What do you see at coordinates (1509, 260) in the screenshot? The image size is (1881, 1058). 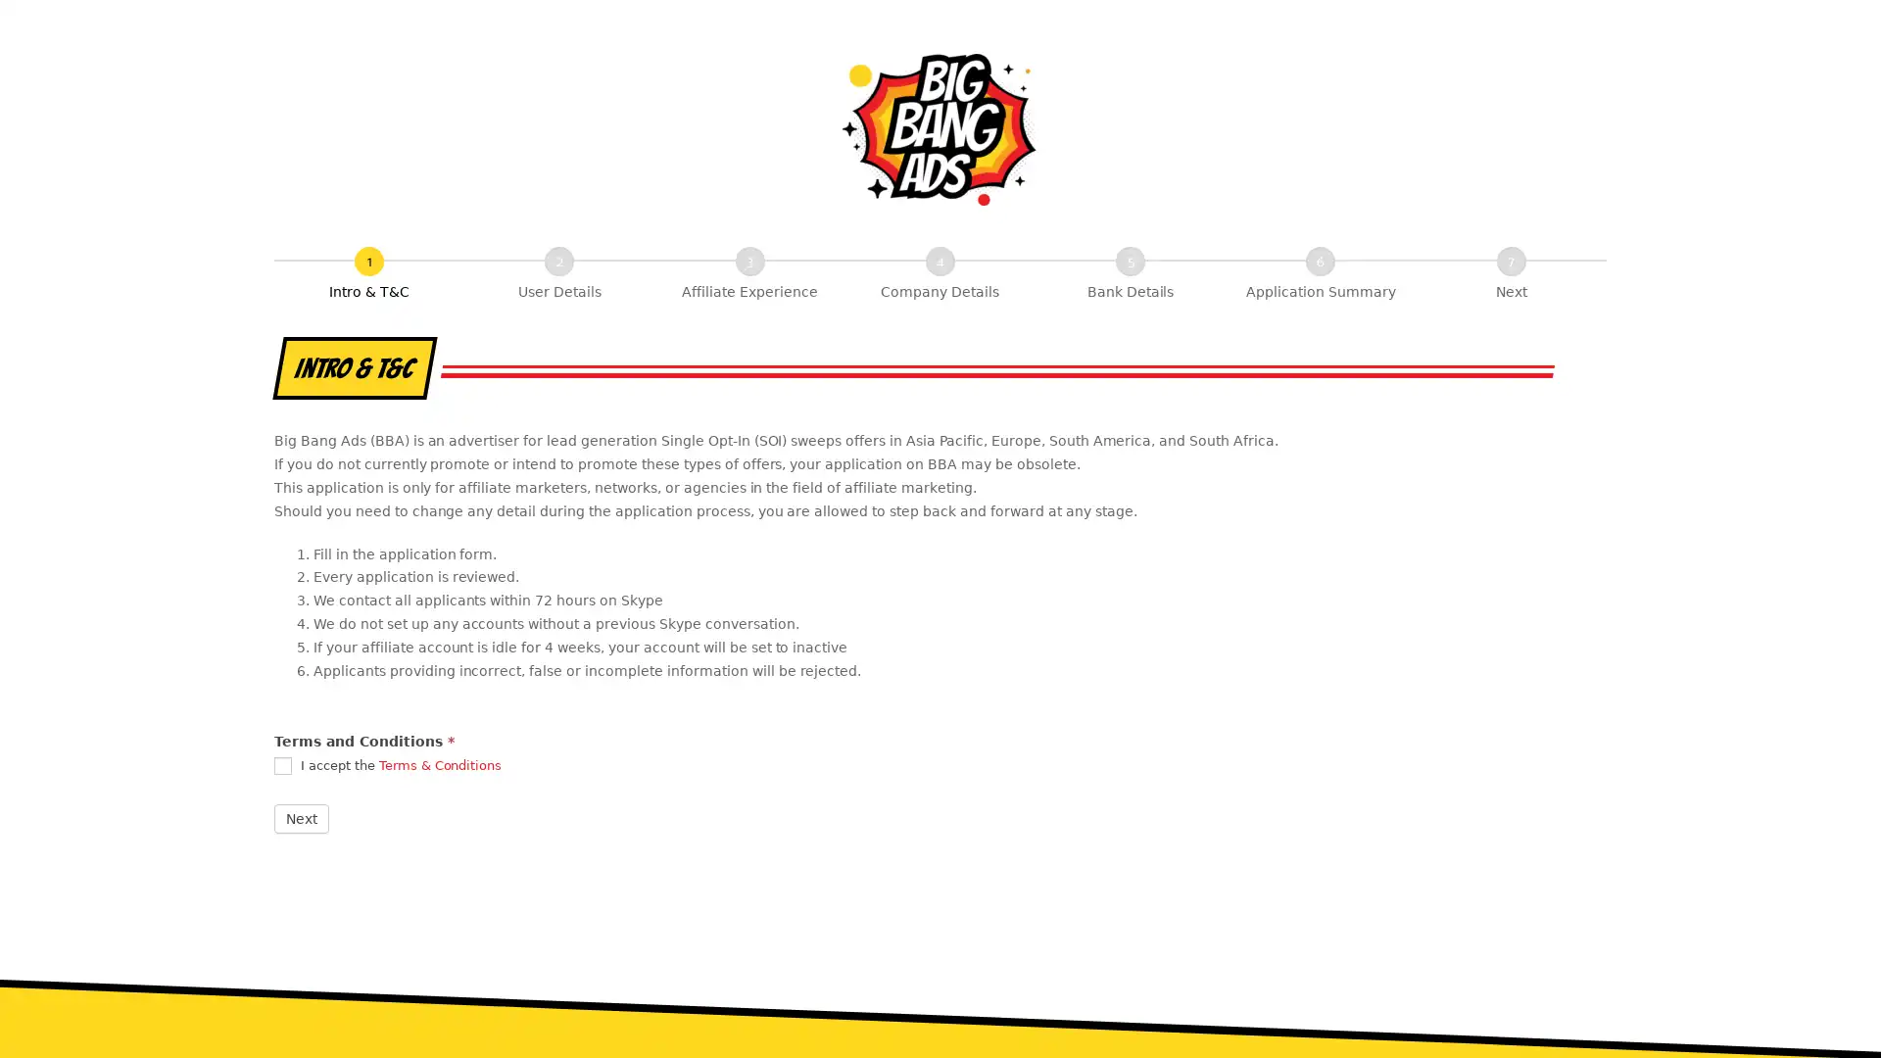 I see `Next` at bounding box center [1509, 260].